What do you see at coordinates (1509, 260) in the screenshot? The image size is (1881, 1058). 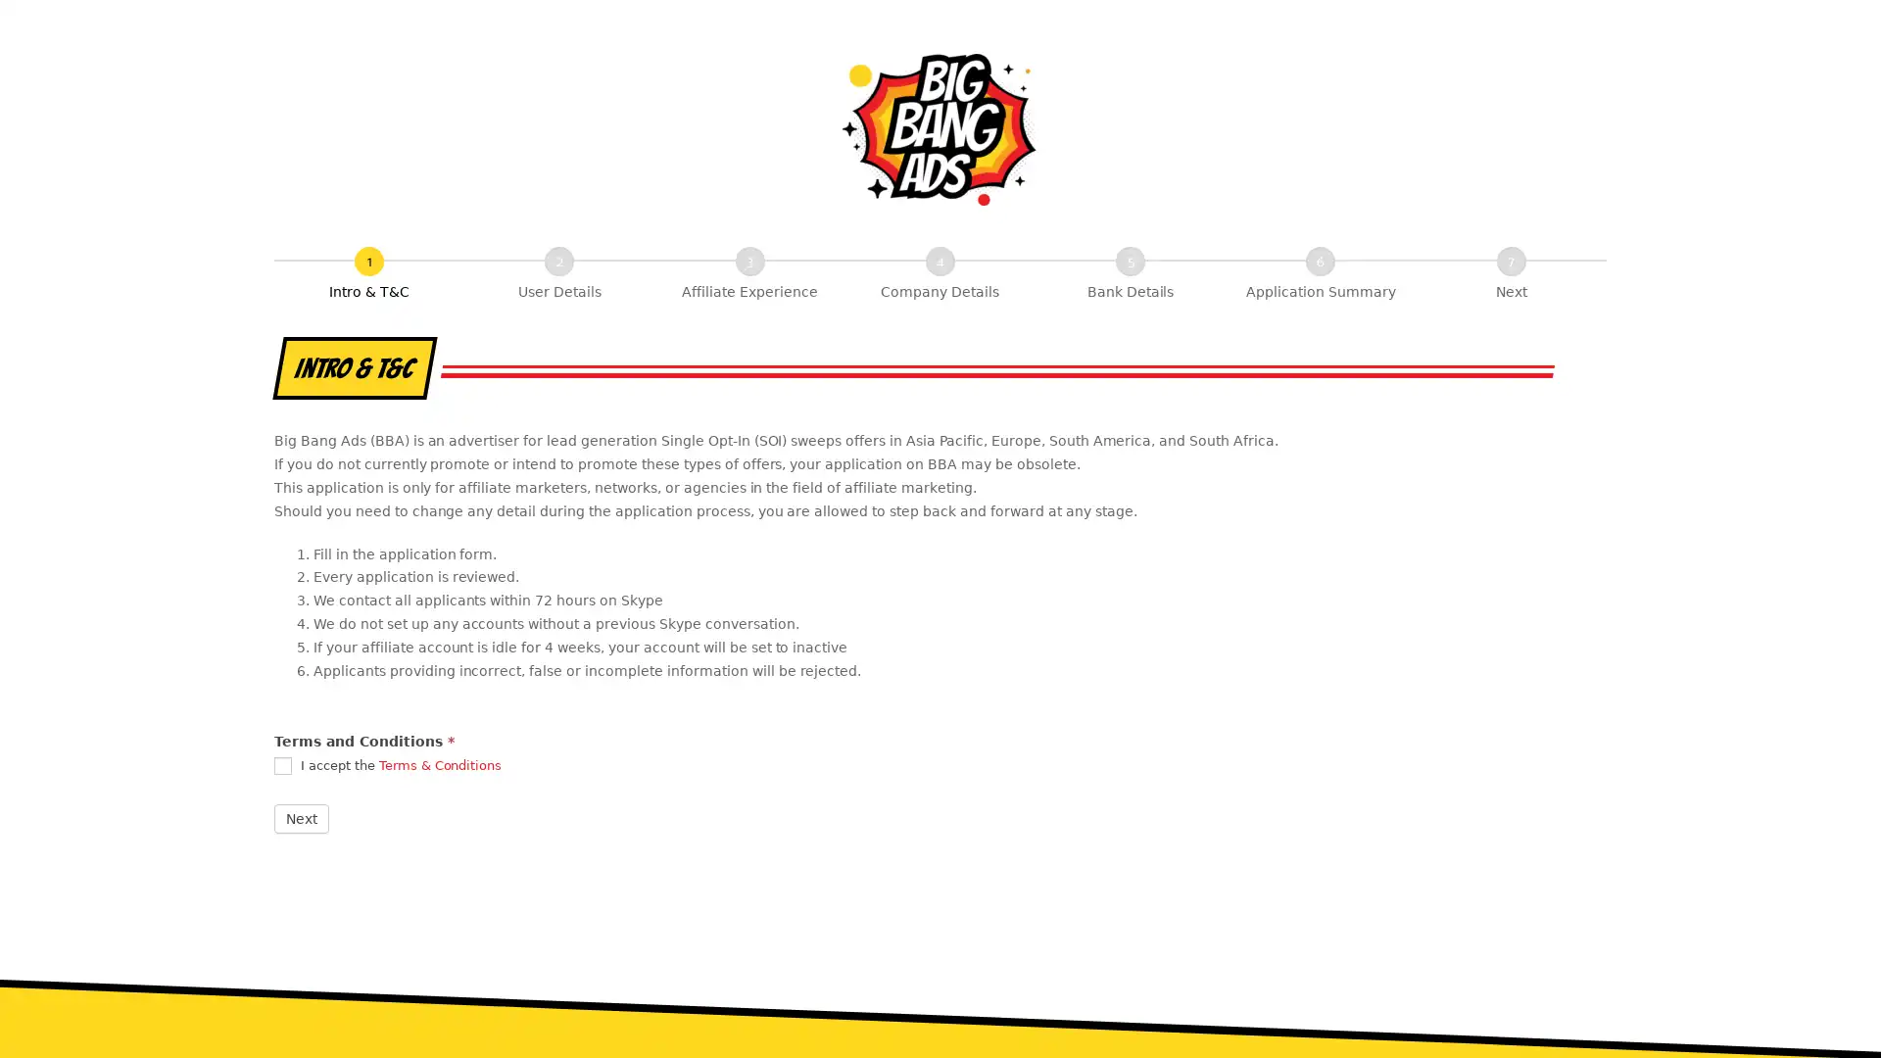 I see `Next` at bounding box center [1509, 260].